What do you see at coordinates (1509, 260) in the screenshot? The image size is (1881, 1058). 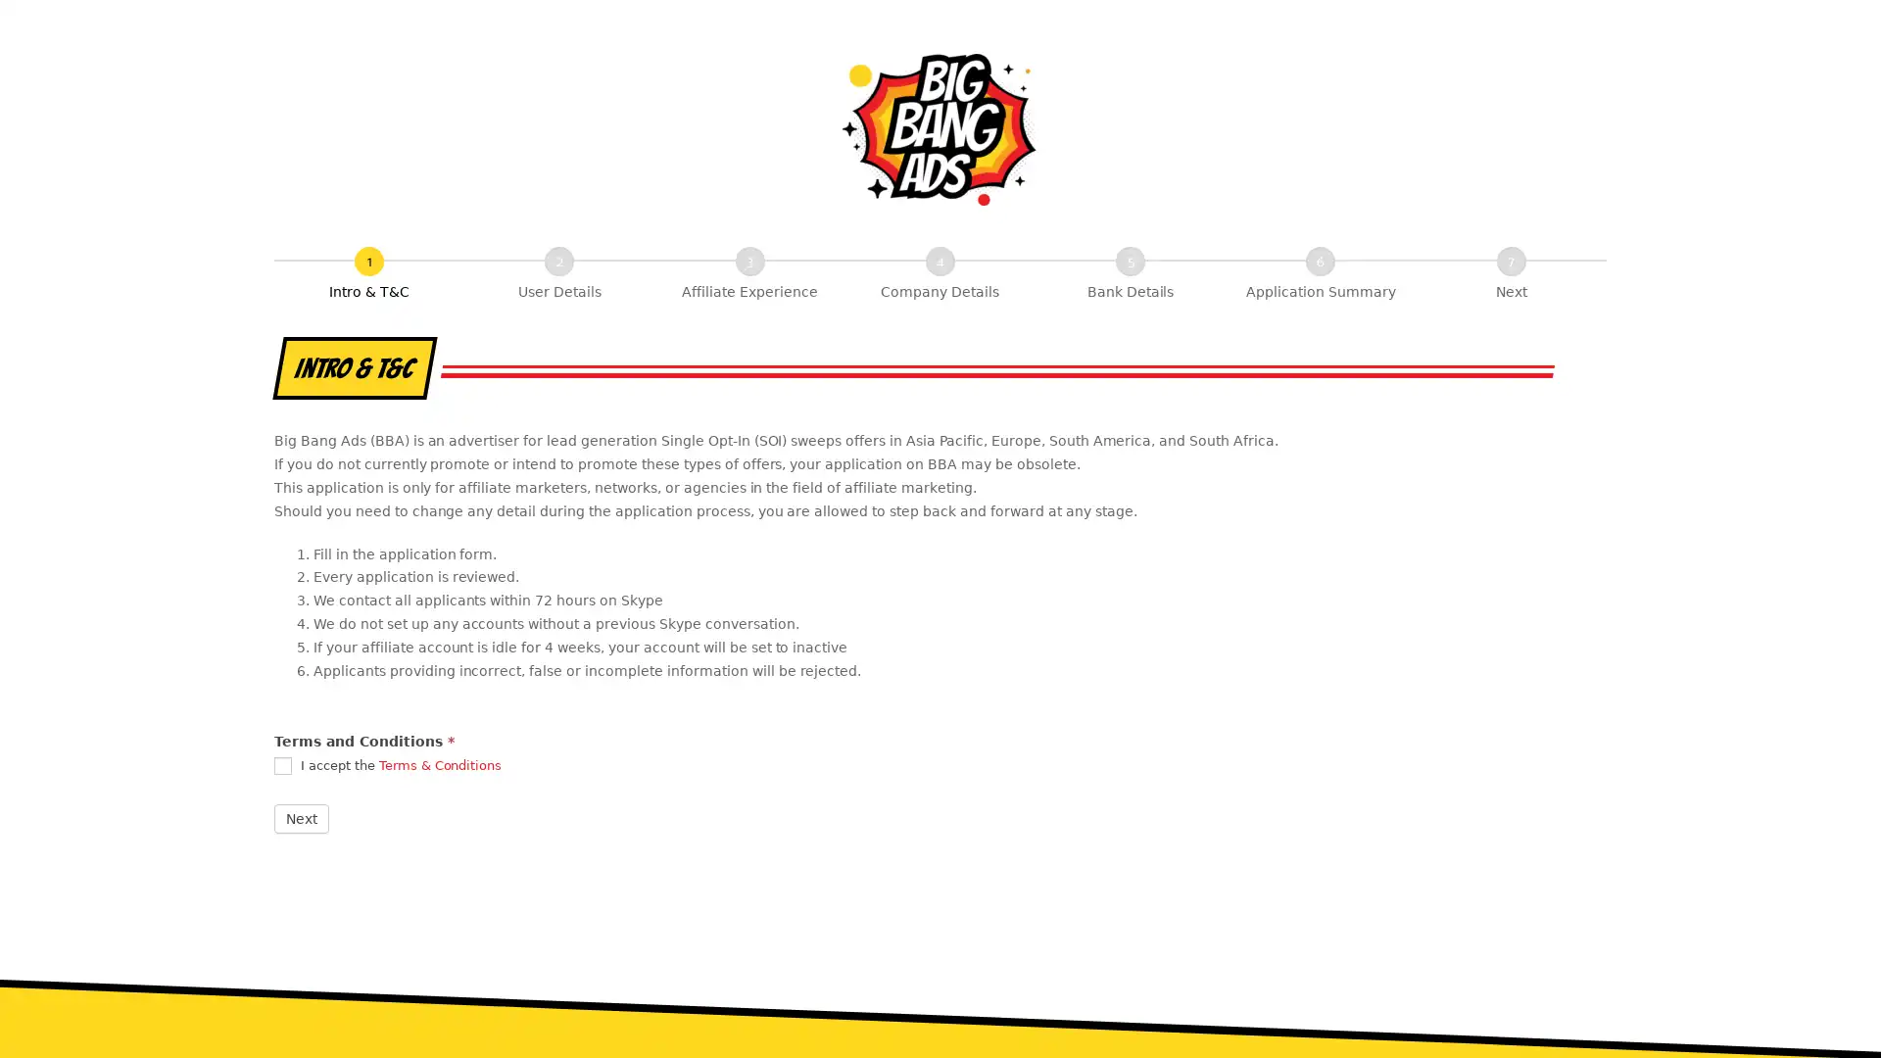 I see `Next` at bounding box center [1509, 260].